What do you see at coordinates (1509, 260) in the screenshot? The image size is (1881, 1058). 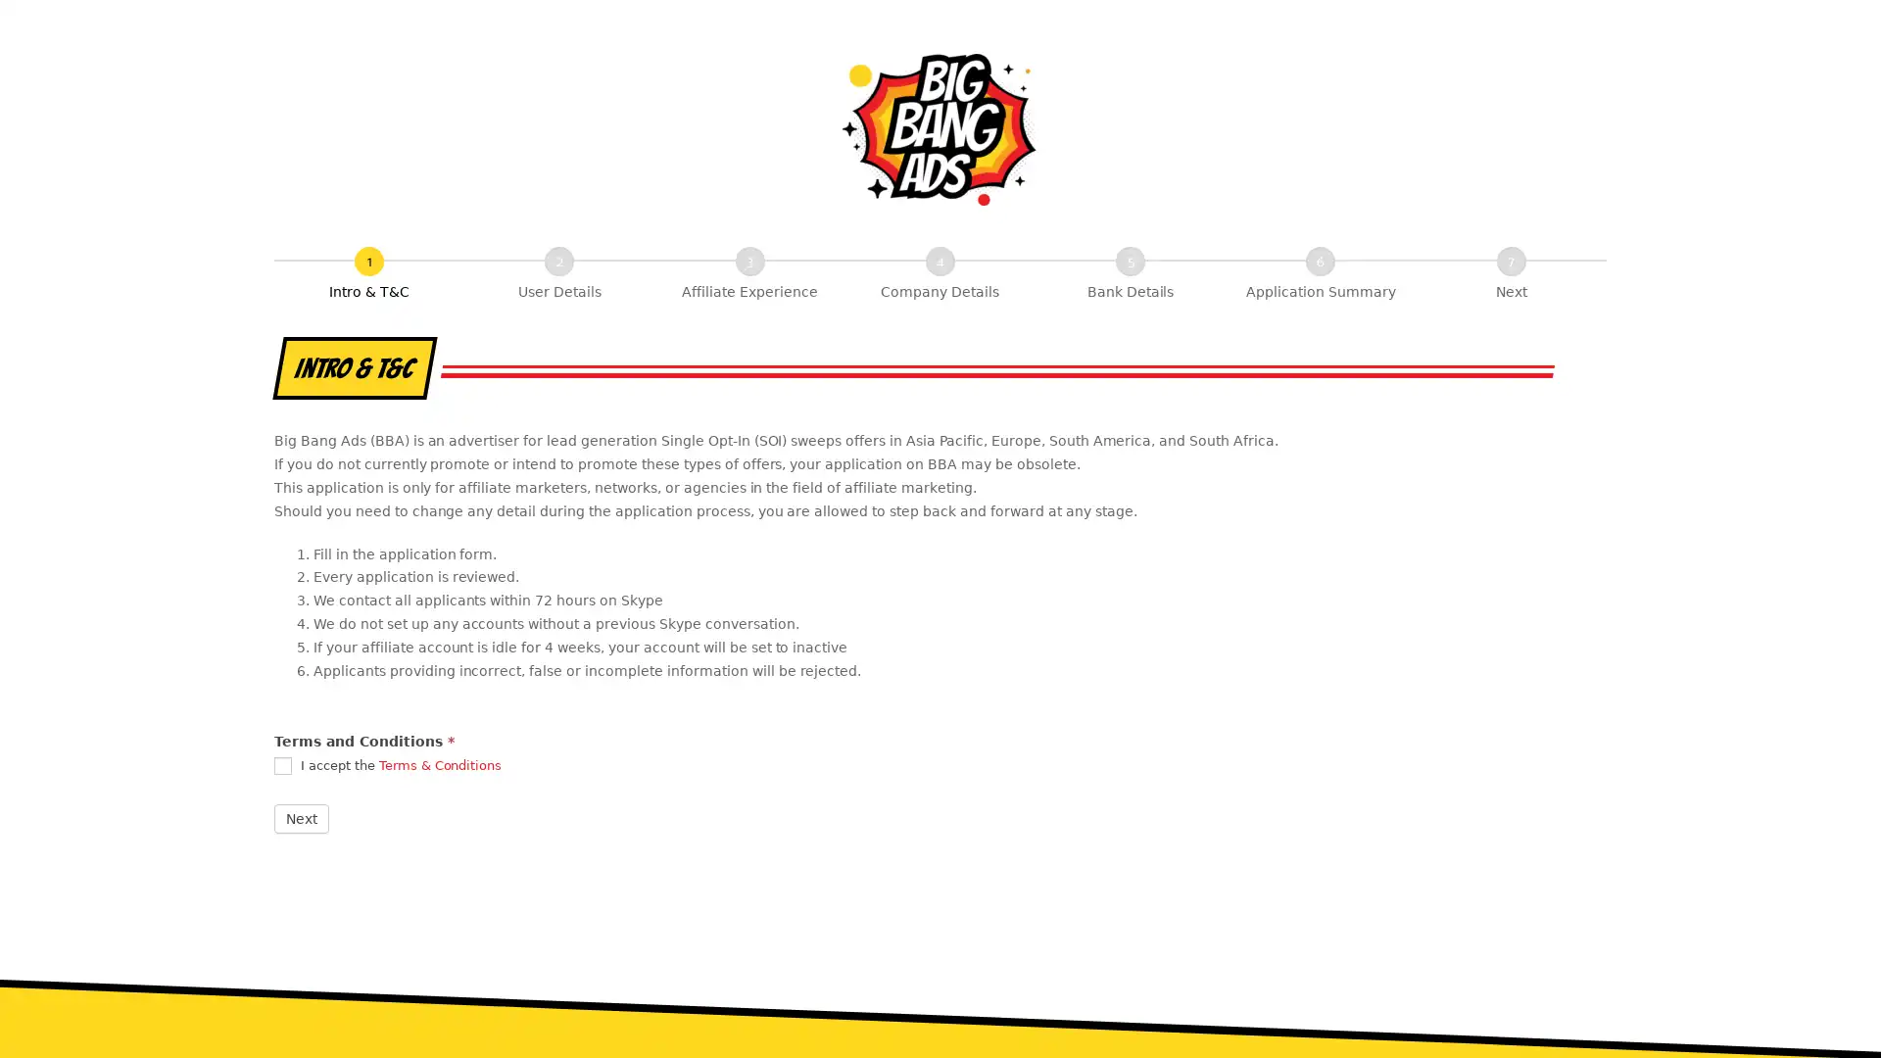 I see `Next` at bounding box center [1509, 260].